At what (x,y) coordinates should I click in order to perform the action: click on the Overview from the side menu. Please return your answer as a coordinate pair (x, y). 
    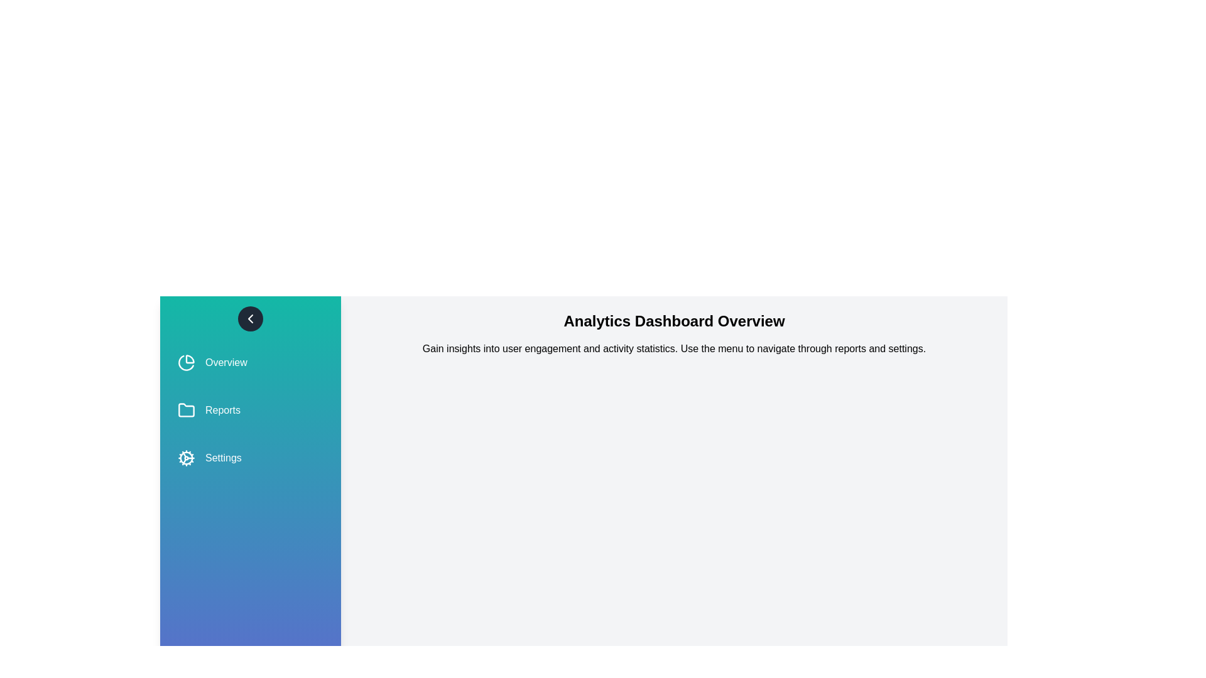
    Looking at the image, I should click on (250, 363).